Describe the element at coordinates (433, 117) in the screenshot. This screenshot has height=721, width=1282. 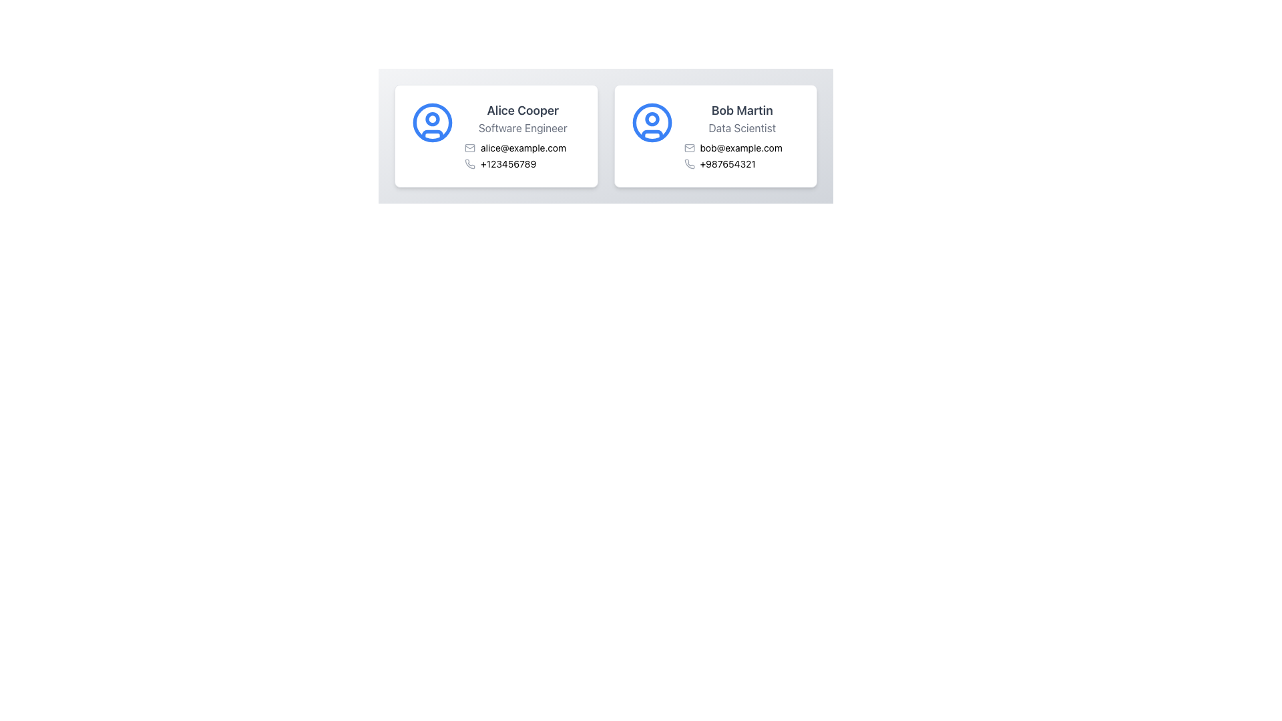
I see `the decorative element representing the user's head within the profile icon, which is the second sub-element in the user profile icon located to the left of 'Alice Cooper'` at that location.